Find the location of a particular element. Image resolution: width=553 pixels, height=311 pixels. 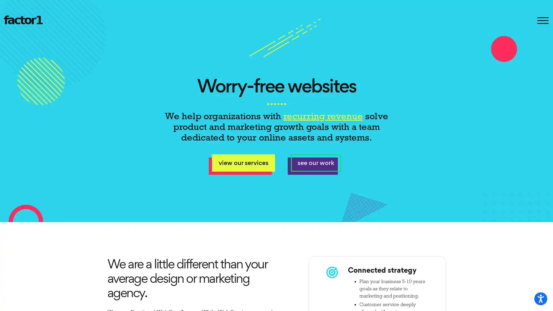

Open accessibility options, statement and help is located at coordinates (540, 298).